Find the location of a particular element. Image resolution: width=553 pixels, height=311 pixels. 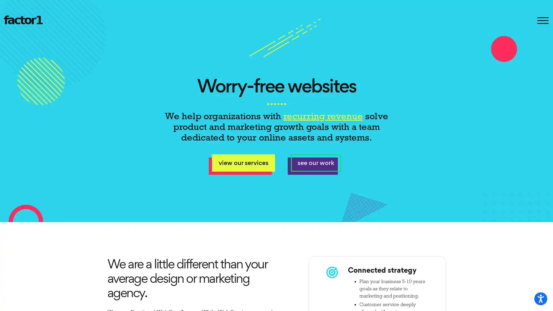

Open accessibility options, statement and help is located at coordinates (540, 298).